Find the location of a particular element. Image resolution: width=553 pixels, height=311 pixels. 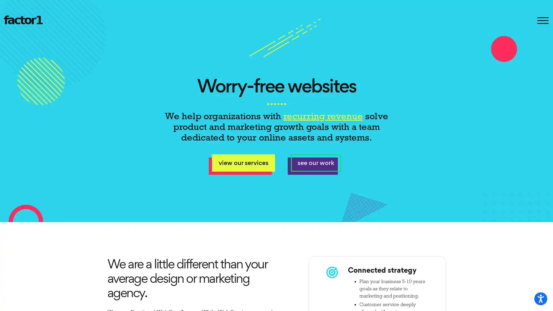

Open accessibility options, statement and help is located at coordinates (540, 298).